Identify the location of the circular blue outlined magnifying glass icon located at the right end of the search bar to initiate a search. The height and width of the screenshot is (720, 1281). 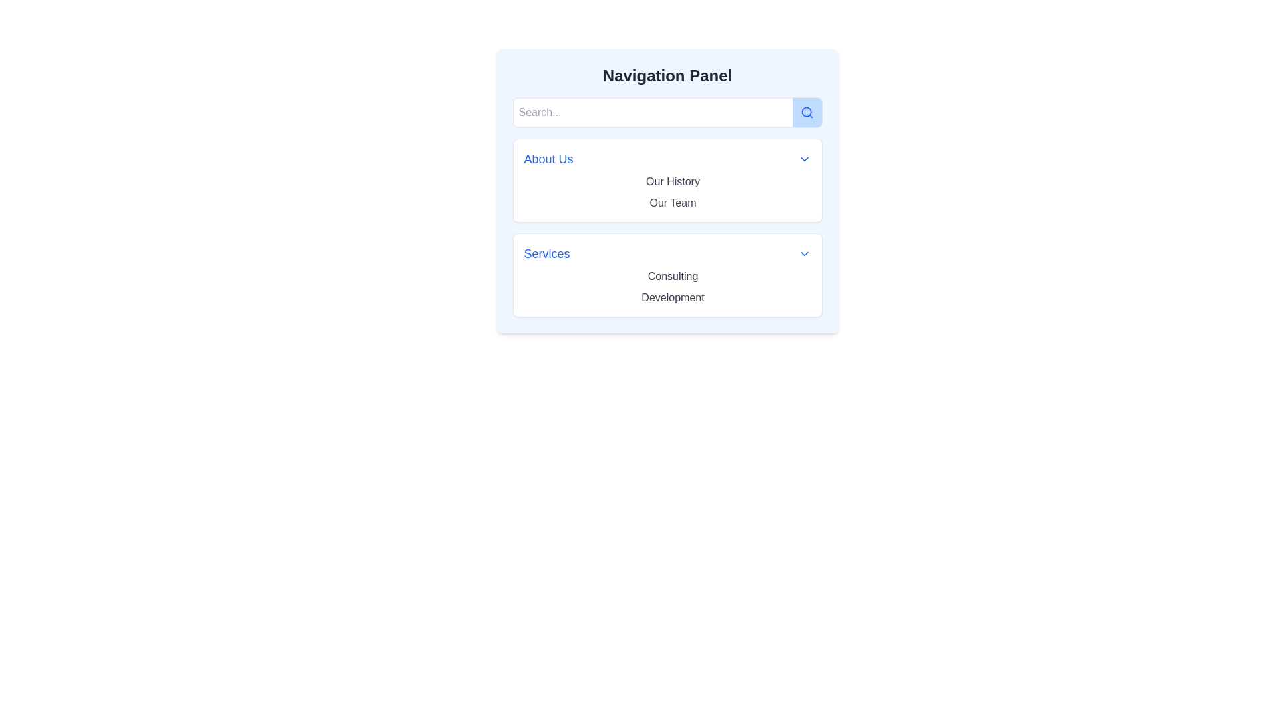
(806, 112).